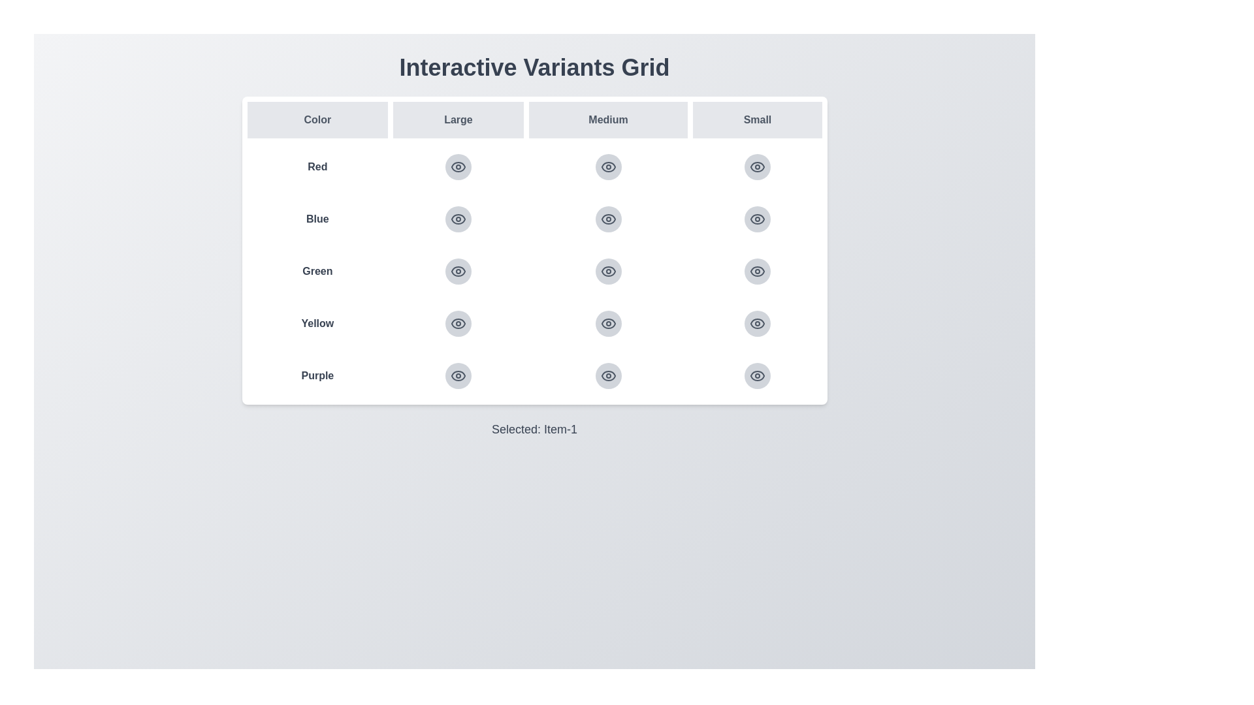 Image resolution: width=1254 pixels, height=705 pixels. Describe the element at coordinates (758, 375) in the screenshot. I see `the 'eye' symbol button located in the bottom-right corner of the grid layout, under the 'Purple' label in the 'Small' column, which indicates a view action` at that location.